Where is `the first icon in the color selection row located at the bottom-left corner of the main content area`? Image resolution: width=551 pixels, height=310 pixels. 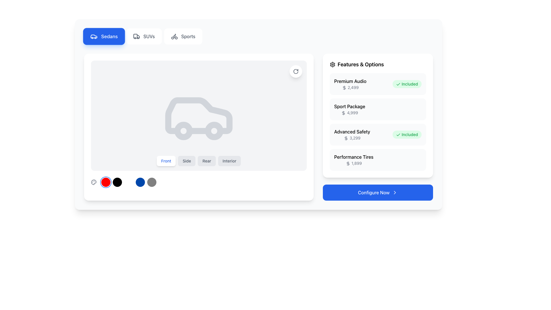
the first icon in the color selection row located at the bottom-left corner of the main content area is located at coordinates (94, 182).